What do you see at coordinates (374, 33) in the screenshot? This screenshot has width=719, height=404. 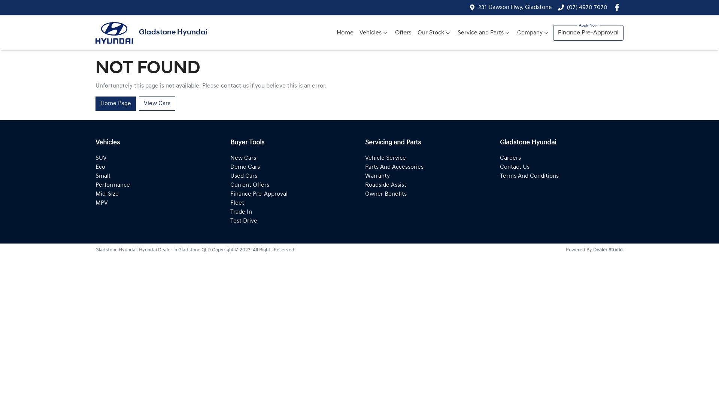 I see `'Vehicles'` at bounding box center [374, 33].